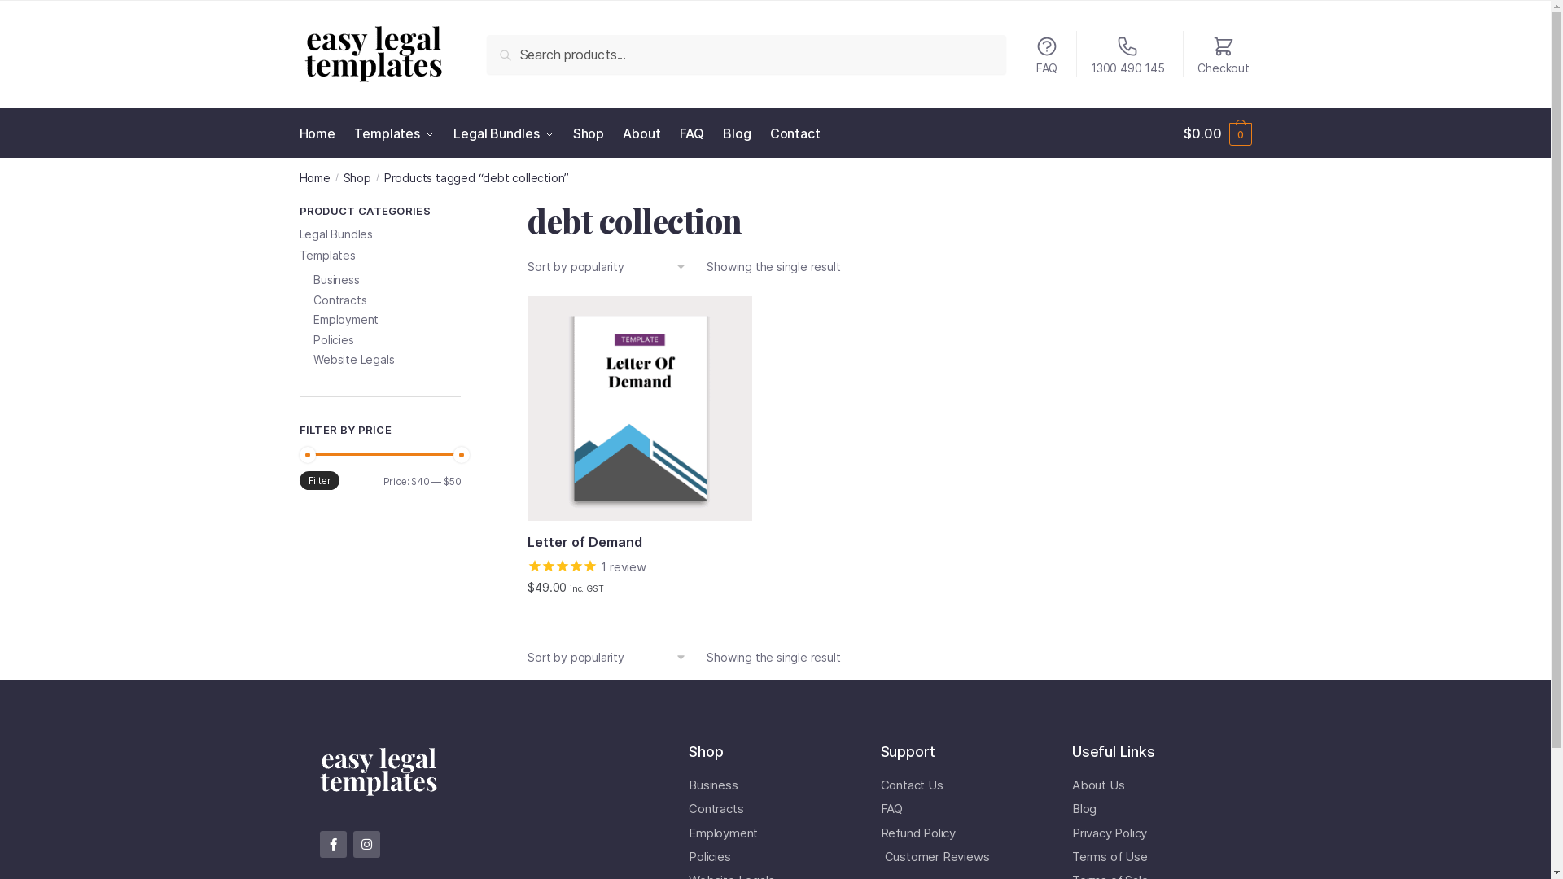 The width and height of the screenshot is (1563, 879). Describe the element at coordinates (767, 809) in the screenshot. I see `'Contracts'` at that location.